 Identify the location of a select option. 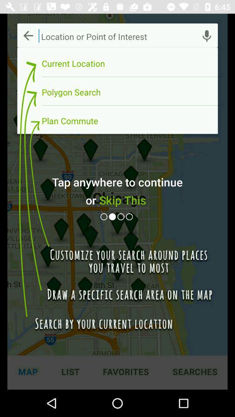
(130, 216).